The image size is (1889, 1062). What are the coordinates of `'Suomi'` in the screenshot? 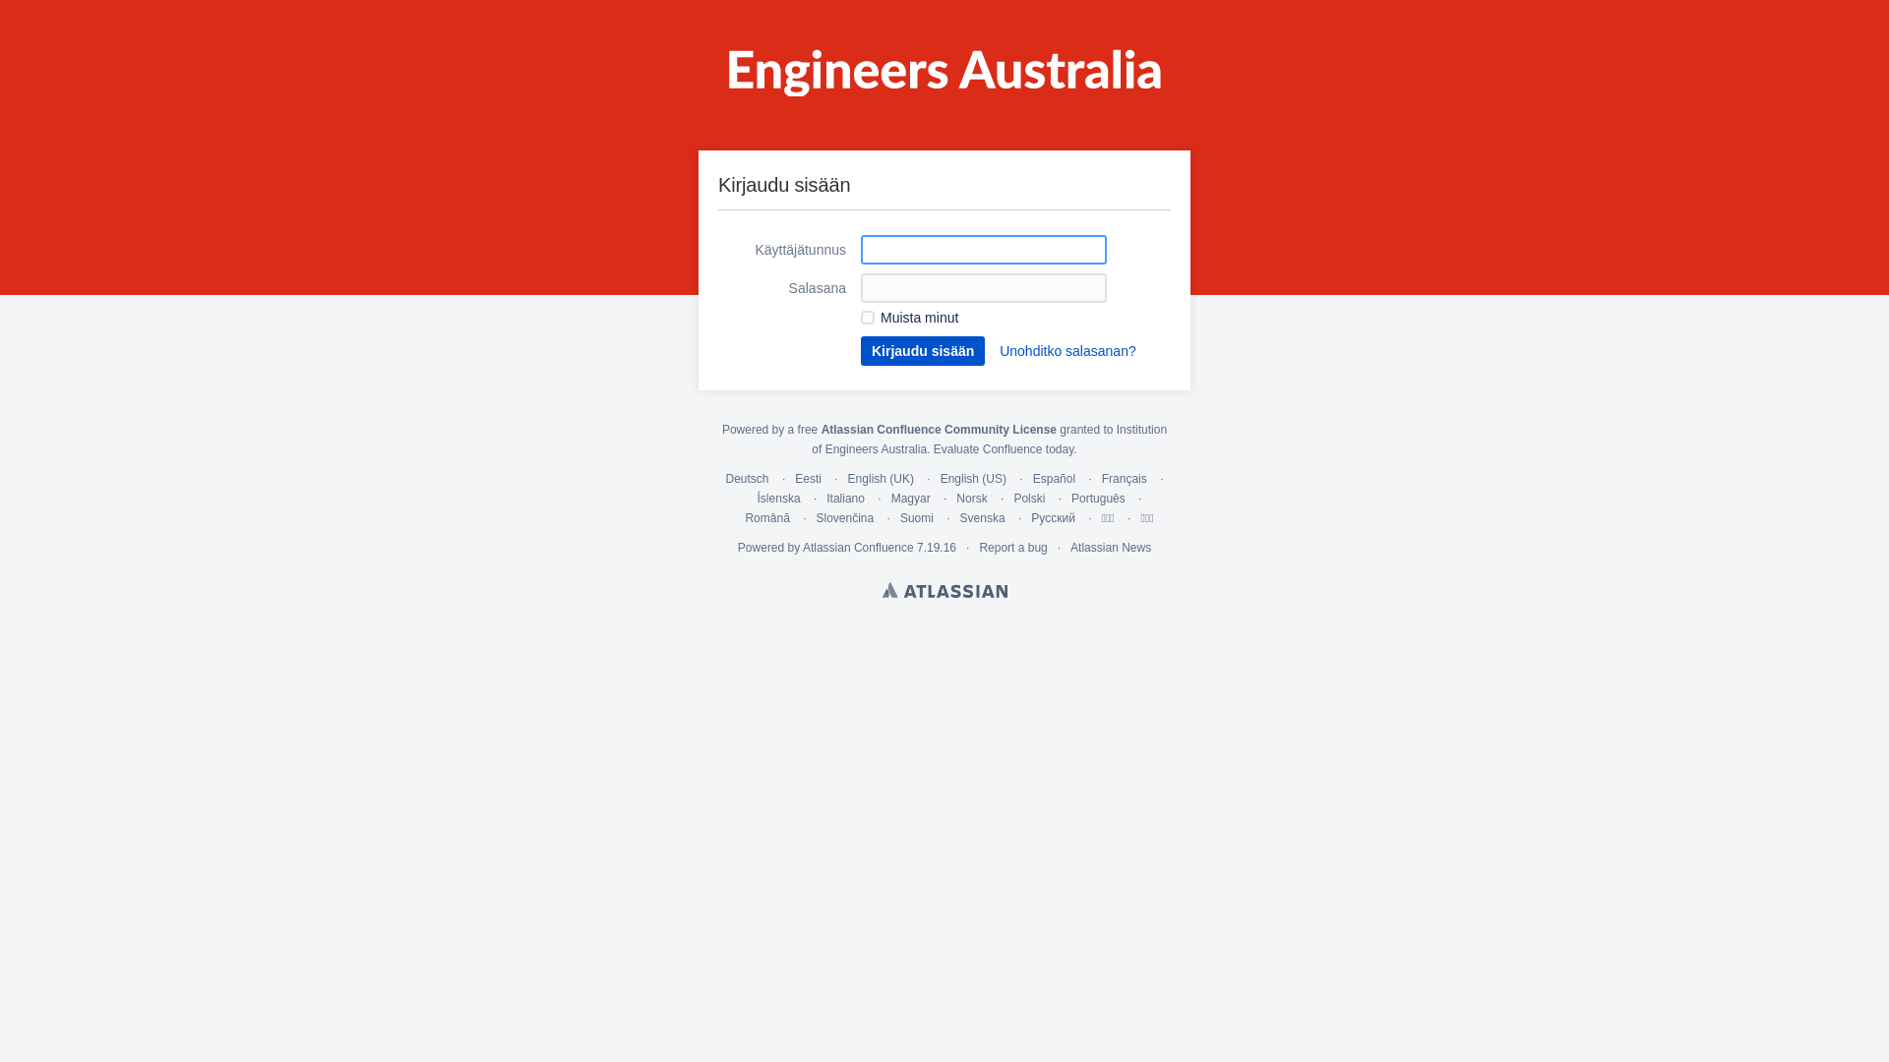 It's located at (915, 517).